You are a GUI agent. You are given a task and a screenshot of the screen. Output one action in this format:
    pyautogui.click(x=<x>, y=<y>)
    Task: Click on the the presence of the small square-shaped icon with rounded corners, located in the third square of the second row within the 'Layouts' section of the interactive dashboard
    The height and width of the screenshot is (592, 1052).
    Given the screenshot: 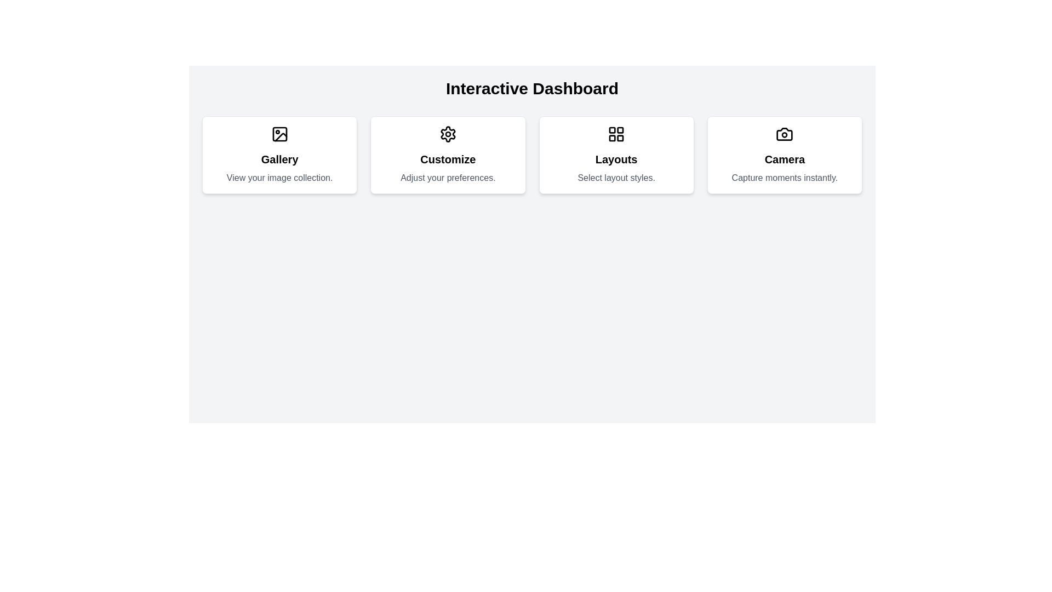 What is the action you would take?
    pyautogui.click(x=620, y=138)
    